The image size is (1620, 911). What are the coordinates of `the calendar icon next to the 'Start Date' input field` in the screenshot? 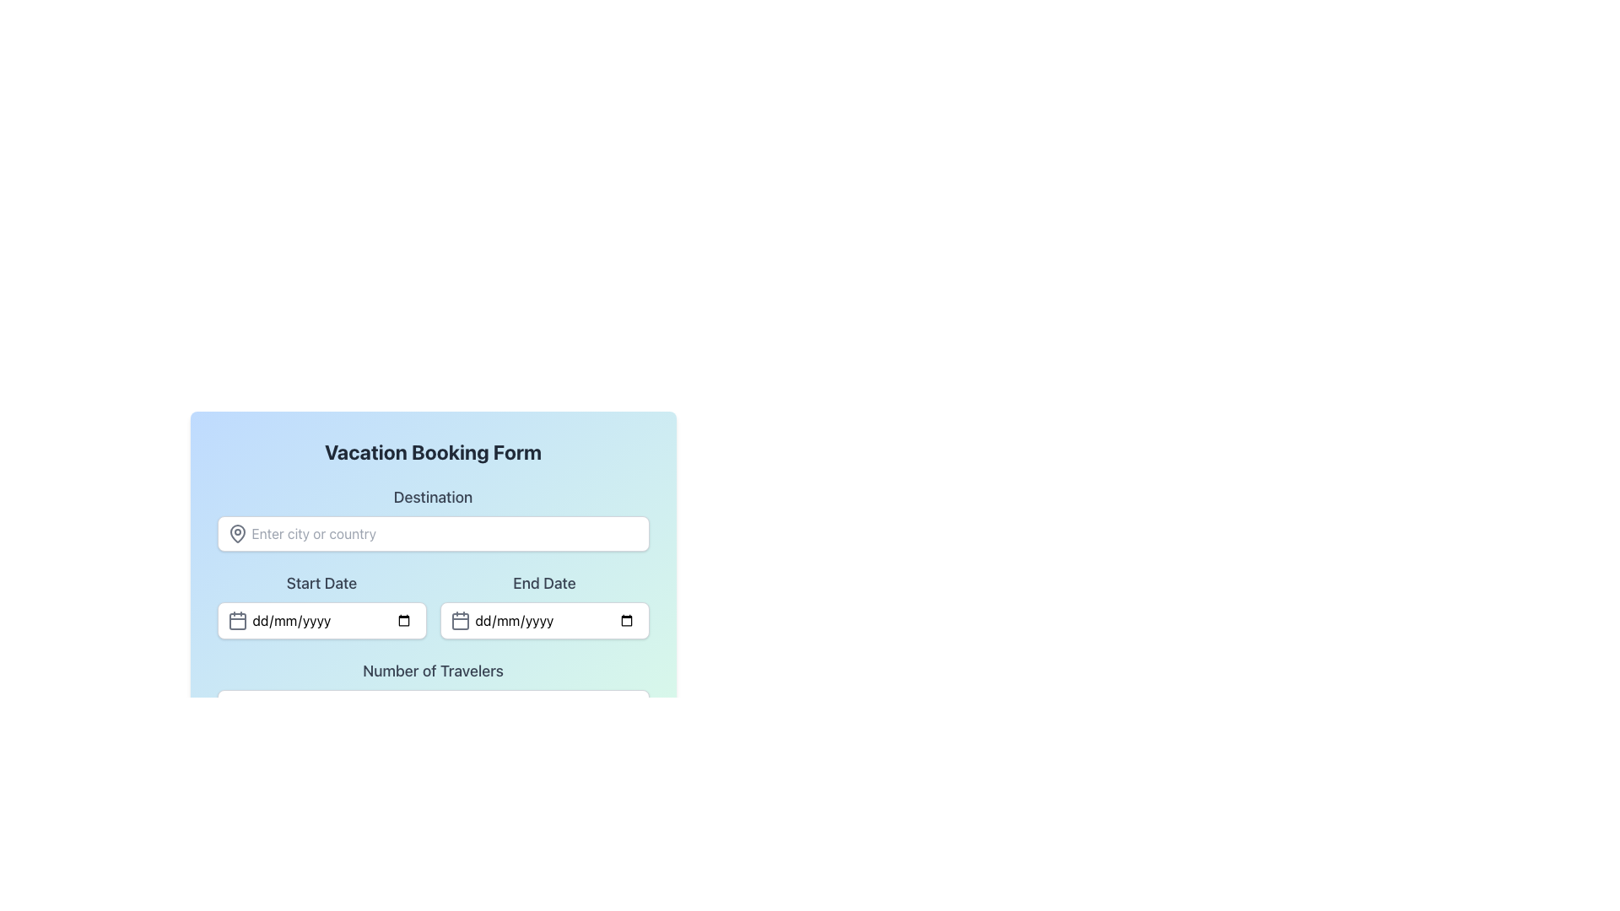 It's located at (321, 604).